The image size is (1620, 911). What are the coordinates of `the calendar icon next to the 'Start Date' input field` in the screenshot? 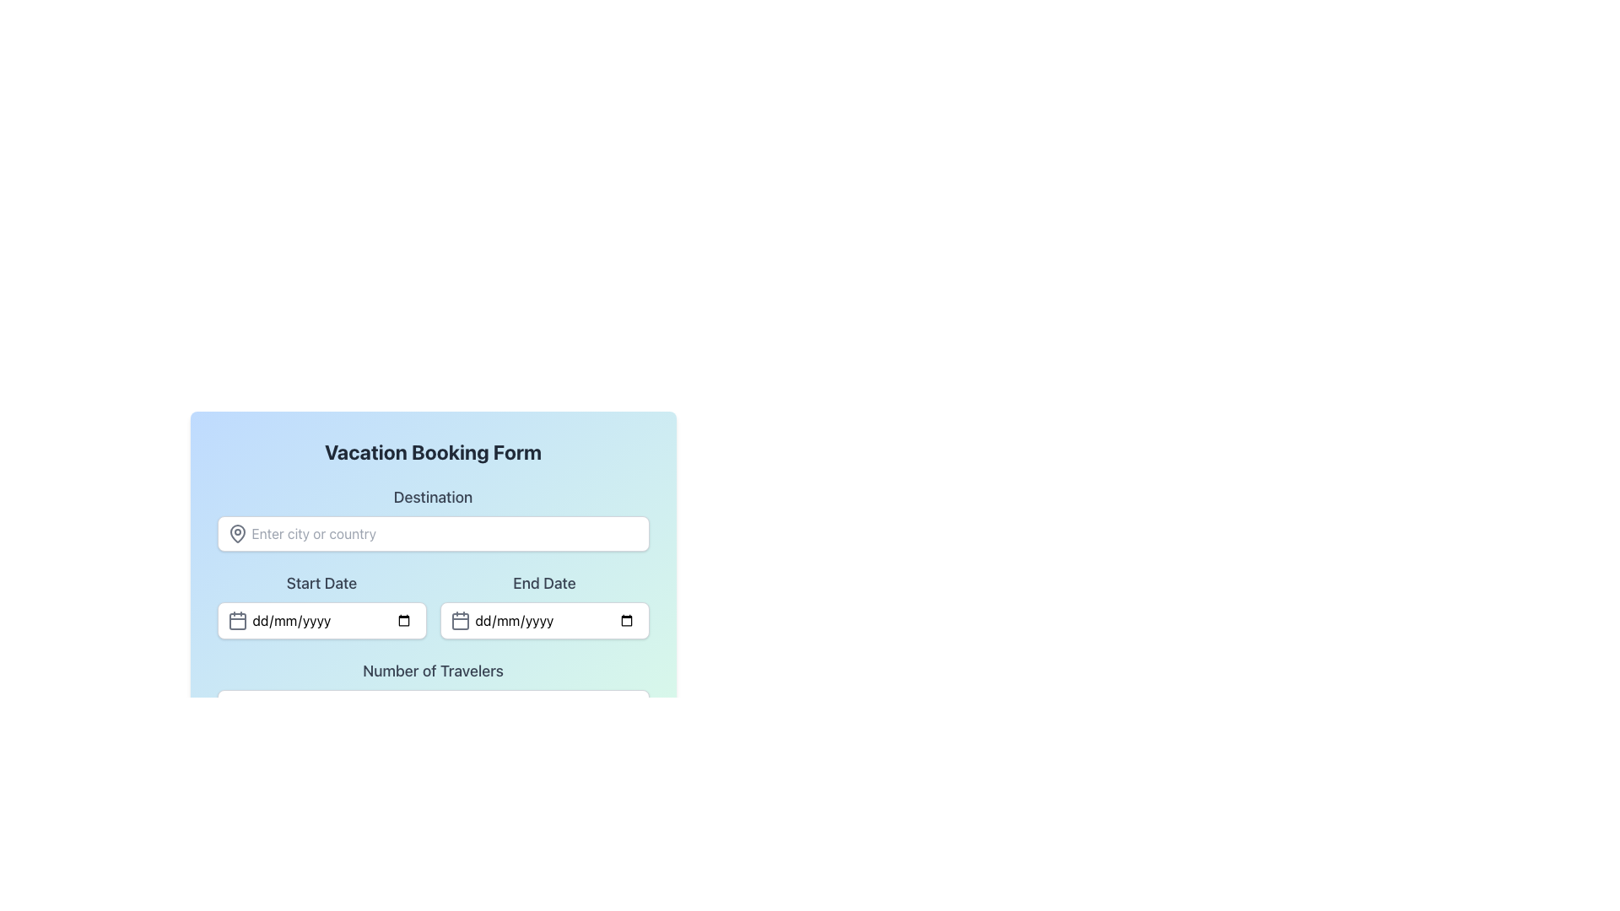 It's located at (321, 604).